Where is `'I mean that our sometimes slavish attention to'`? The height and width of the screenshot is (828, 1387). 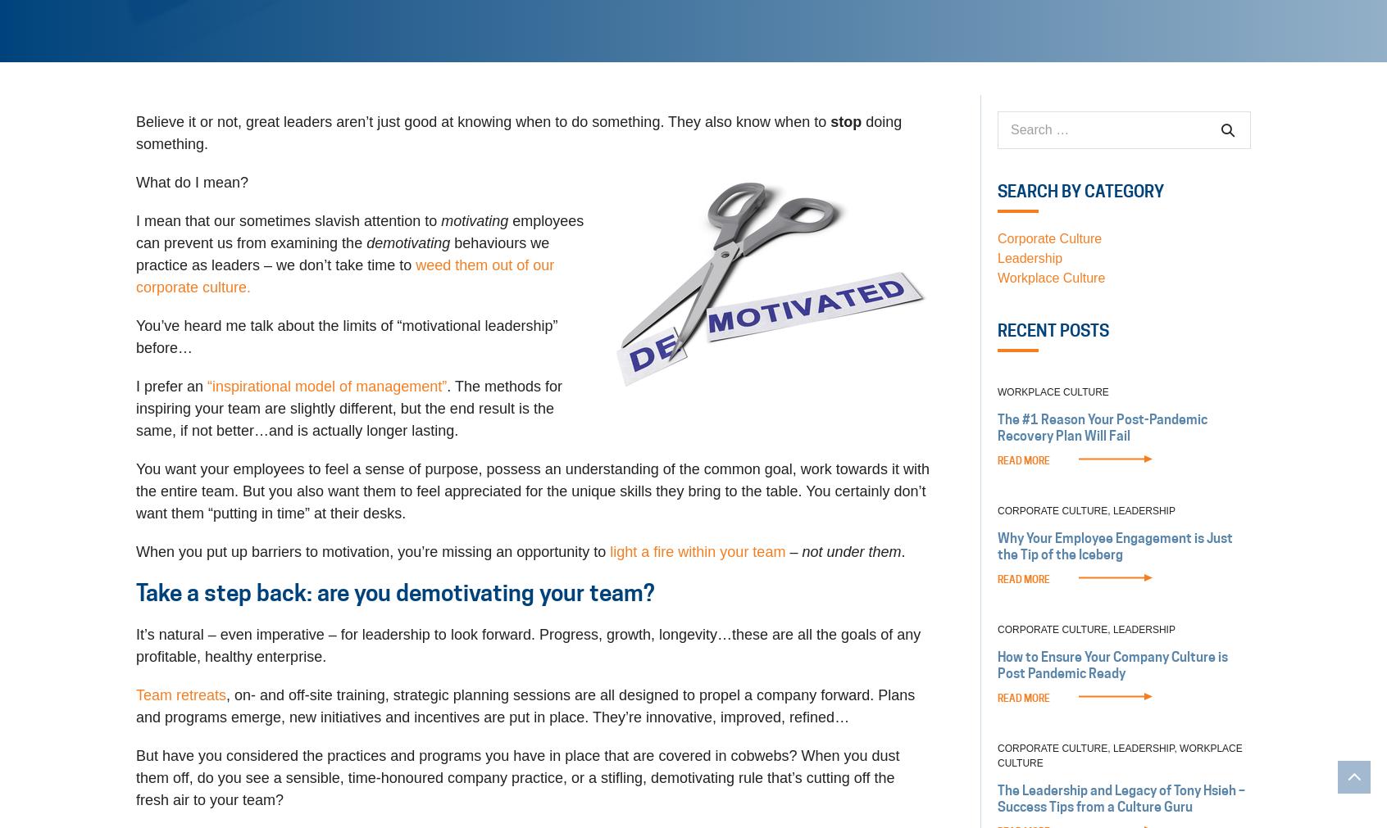 'I mean that our sometimes slavish attention to' is located at coordinates (287, 221).